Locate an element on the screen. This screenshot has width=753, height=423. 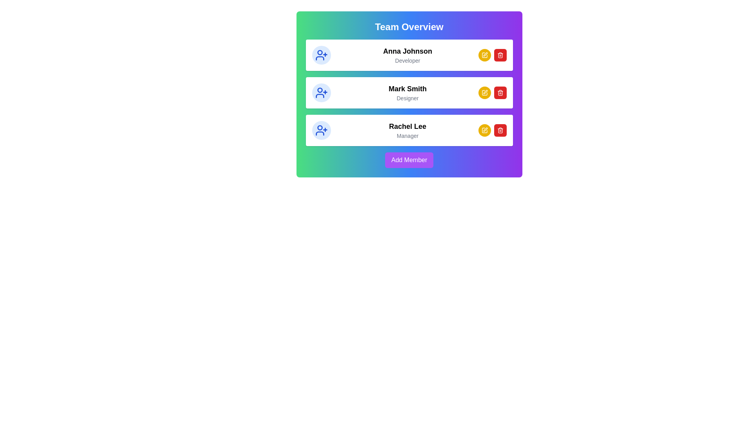
the Text label displaying the name and role of 'Rachel Lee' within the 'Team Overview' section, located between the user icon on the left and the action buttons on the right is located at coordinates (407, 130).